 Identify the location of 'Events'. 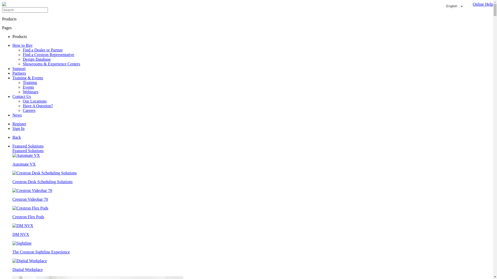
(22, 87).